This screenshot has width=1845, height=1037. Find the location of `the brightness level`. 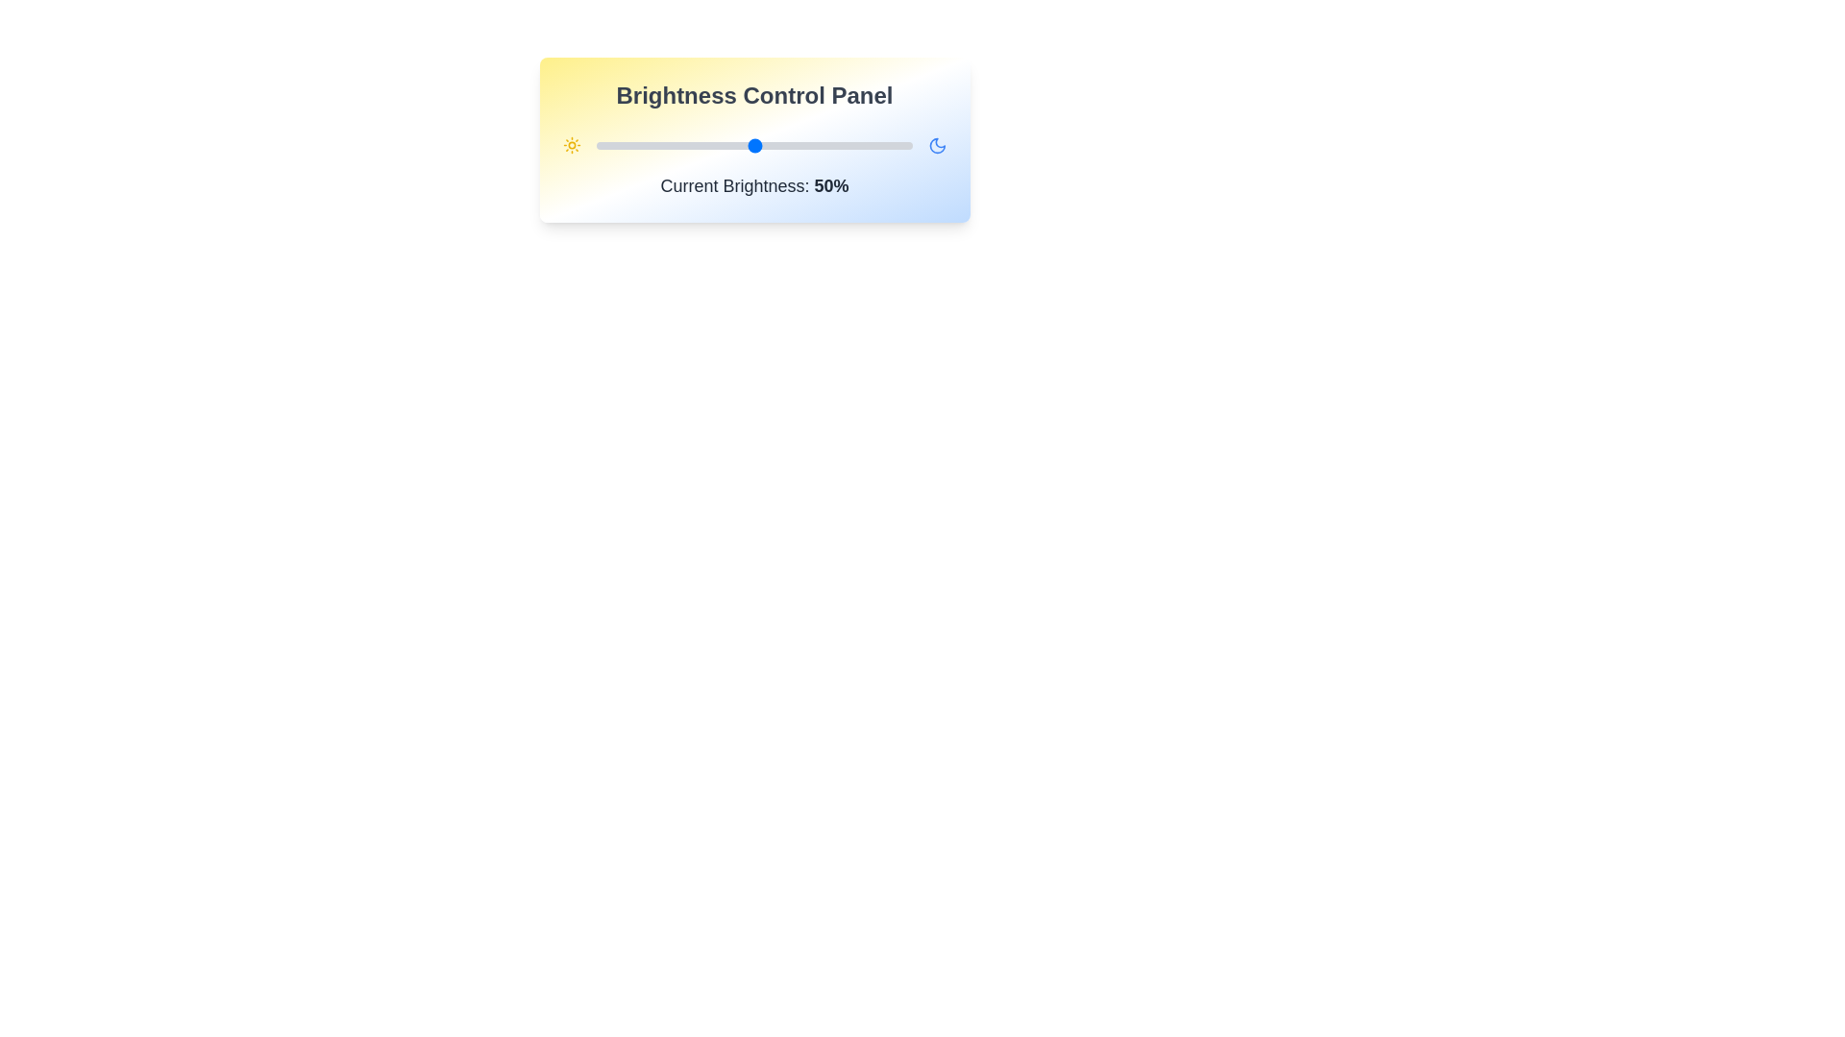

the brightness level is located at coordinates (801, 144).